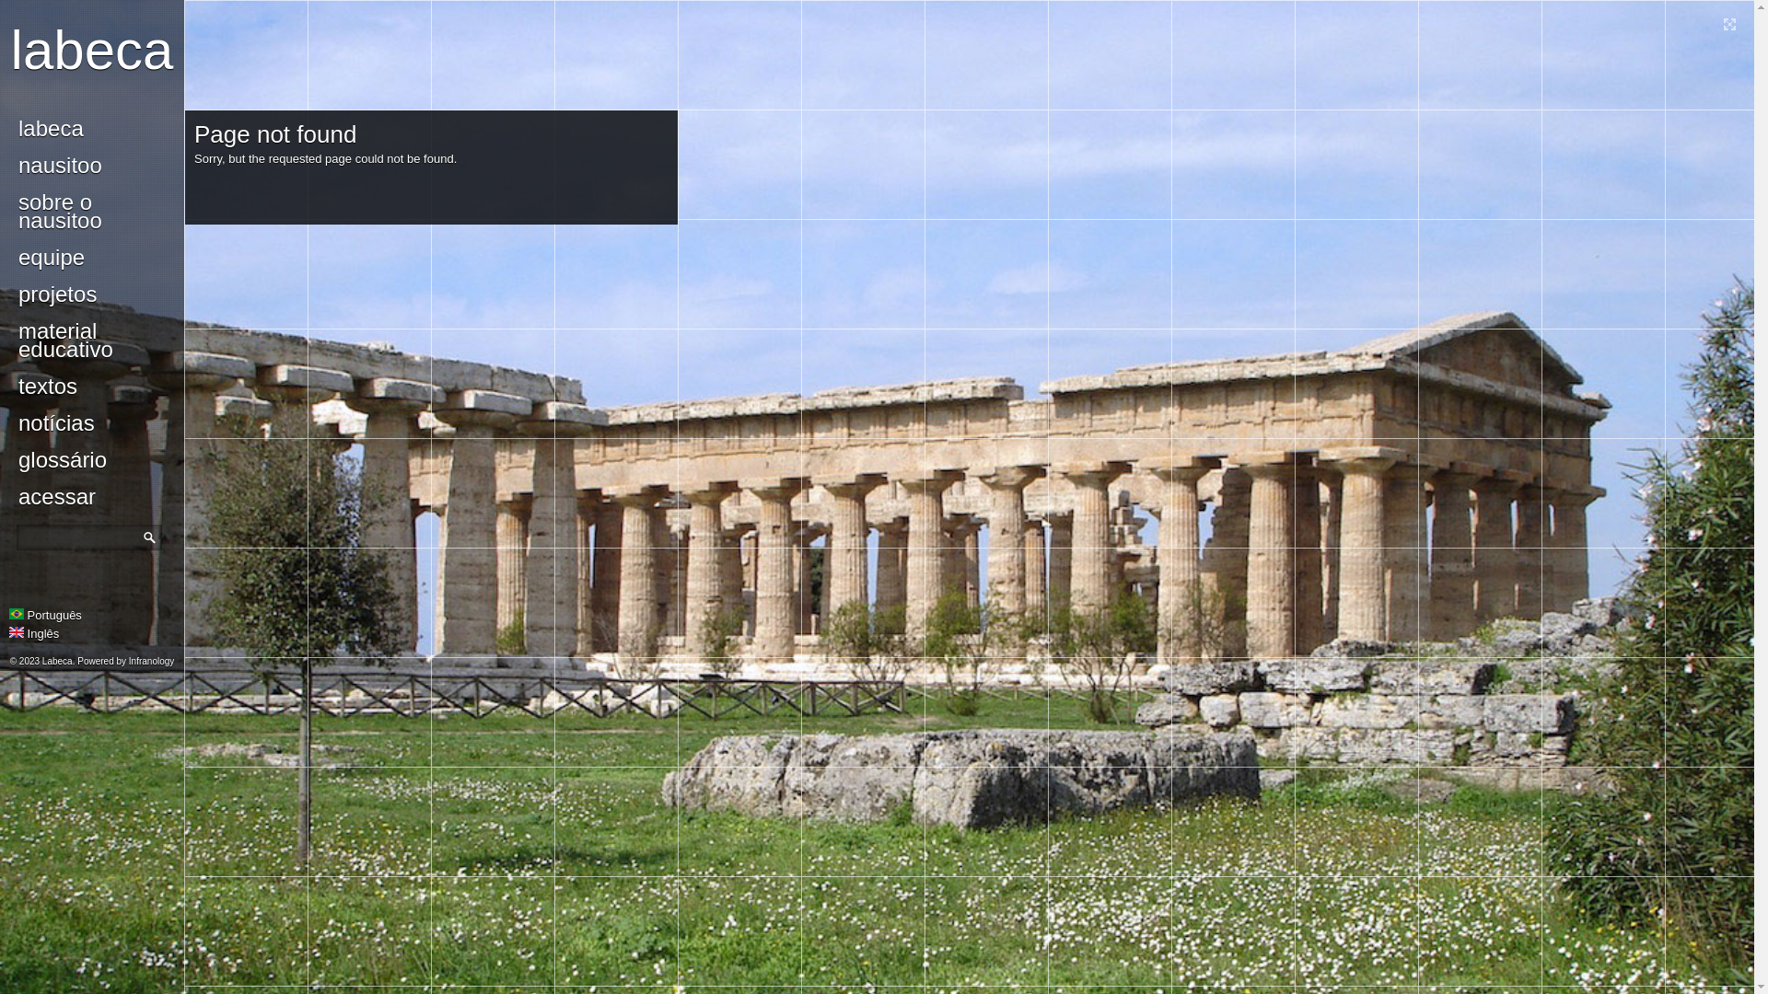 The width and height of the screenshot is (1768, 994). Describe the element at coordinates (91, 341) in the screenshot. I see `'material educativo'` at that location.